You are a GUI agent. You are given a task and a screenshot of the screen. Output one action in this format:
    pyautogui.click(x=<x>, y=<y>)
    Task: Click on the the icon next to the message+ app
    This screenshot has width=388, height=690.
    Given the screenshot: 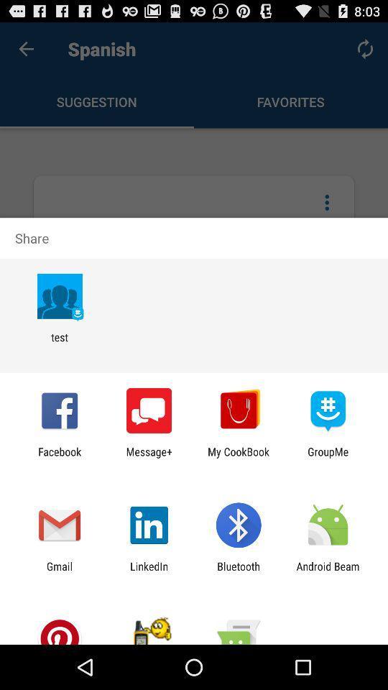 What is the action you would take?
    pyautogui.click(x=239, y=457)
    